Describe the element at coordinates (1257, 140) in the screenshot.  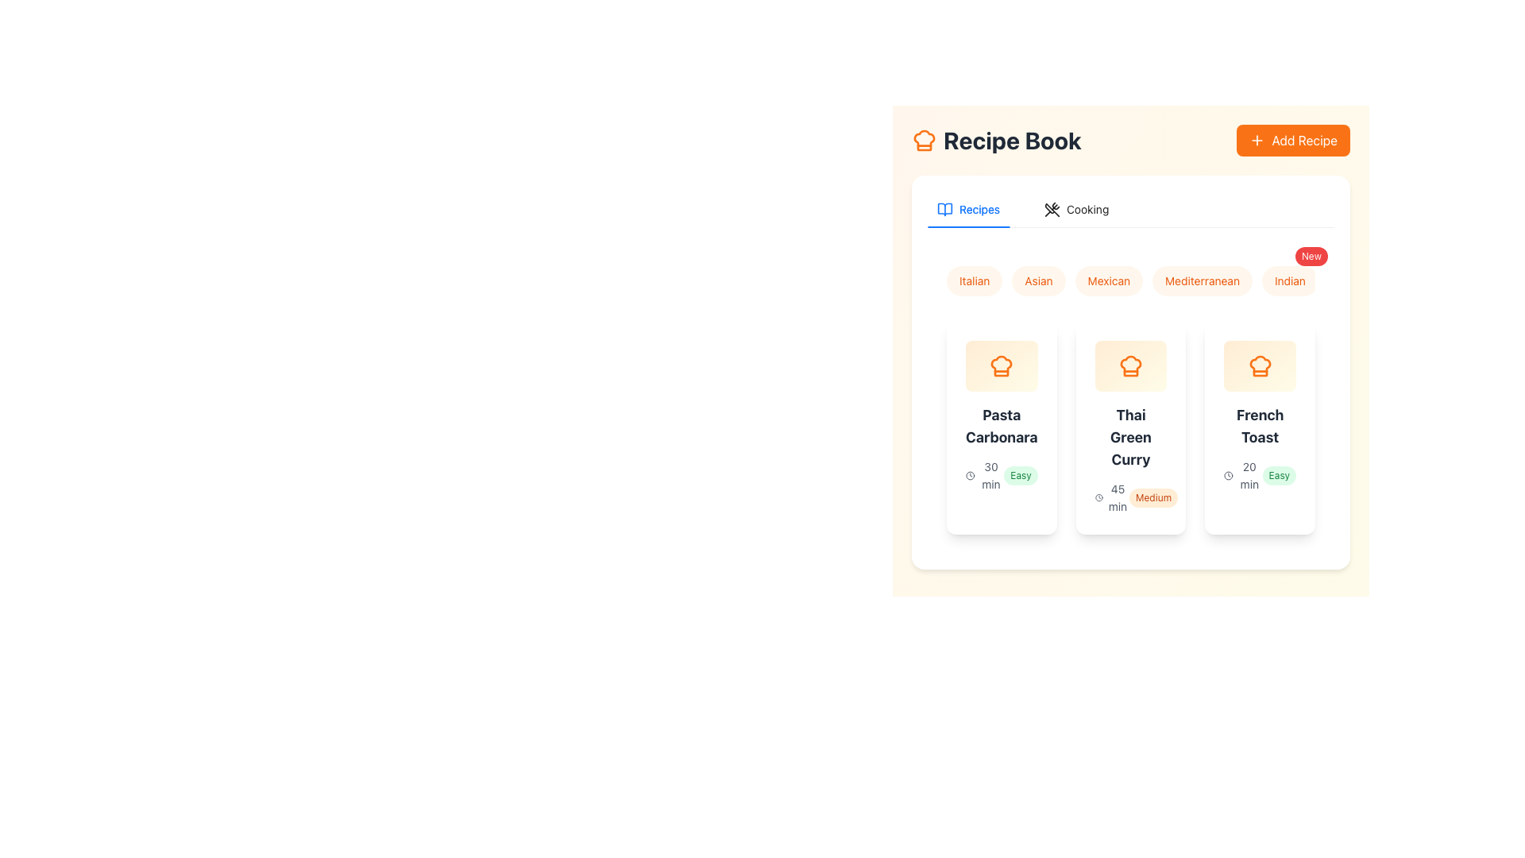
I see `the 'add' icon located to the left of the 'Add Recipe' button, which has a bright orange background and rounded edges` at that location.